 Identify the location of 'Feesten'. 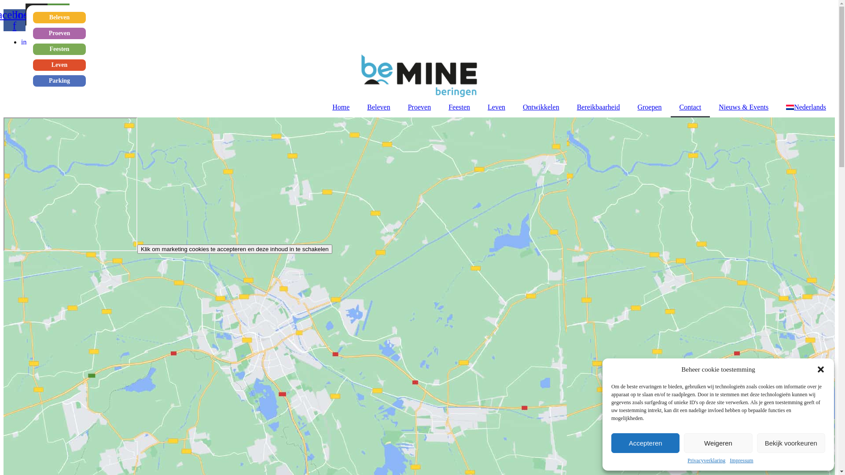
(59, 49).